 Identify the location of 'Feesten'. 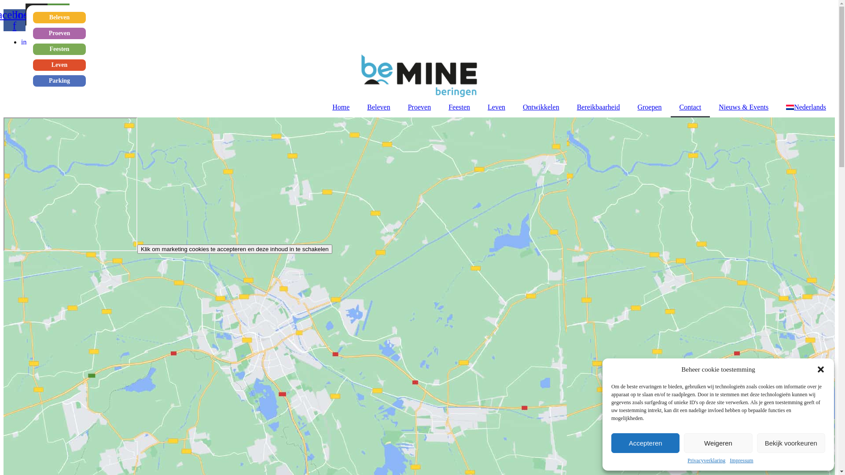
(59, 49).